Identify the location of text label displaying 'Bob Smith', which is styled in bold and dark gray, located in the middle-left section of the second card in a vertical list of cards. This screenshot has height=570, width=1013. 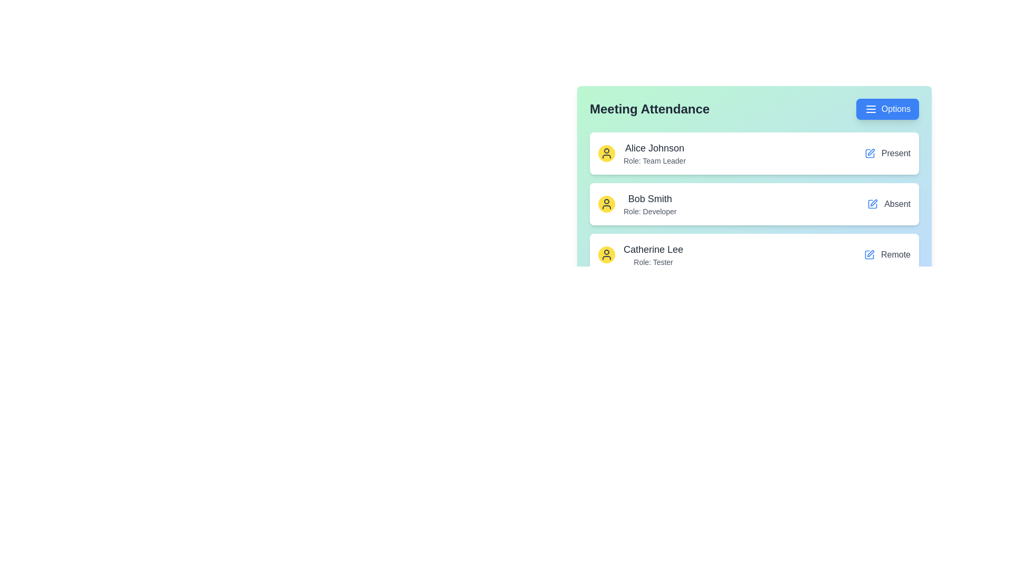
(649, 199).